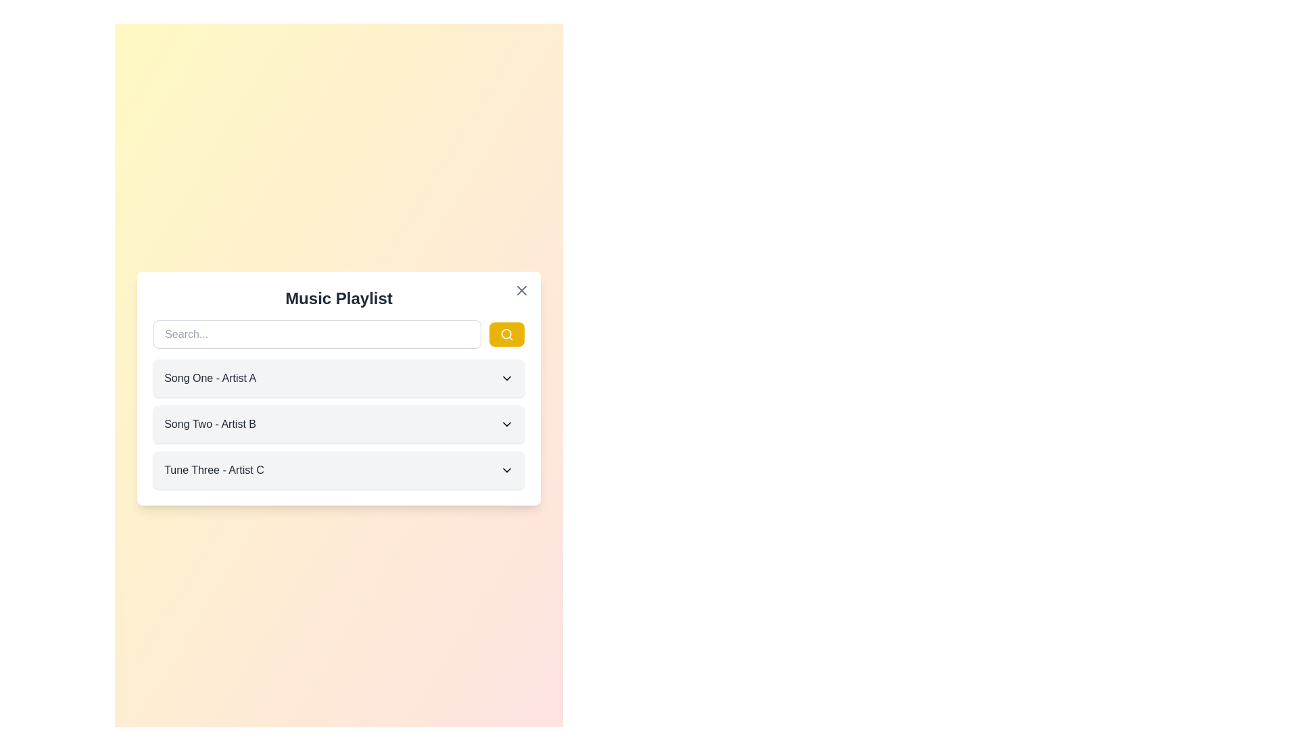 The height and width of the screenshot is (730, 1298). I want to click on the toggle button for 'Tune Three - Artist C', so click(506, 469).